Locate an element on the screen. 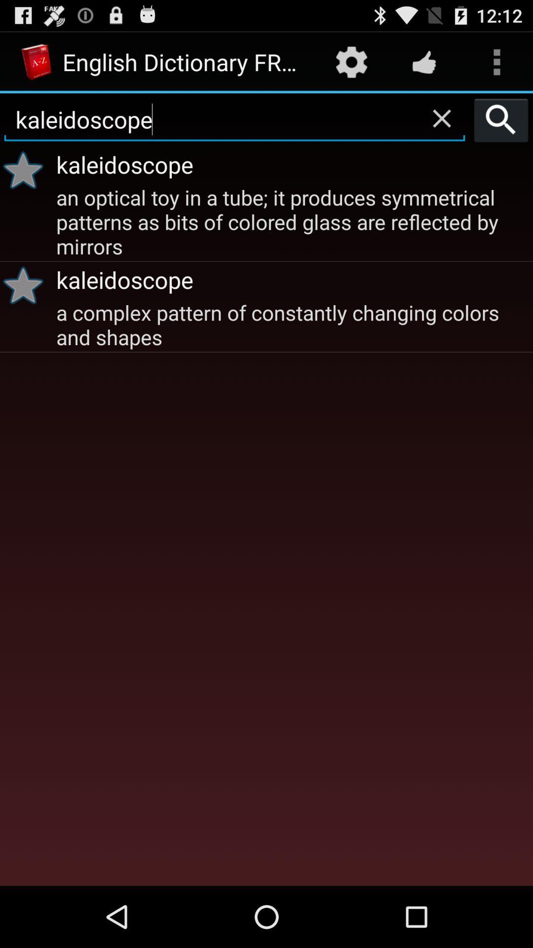 The image size is (533, 948). the search icon is located at coordinates (501, 128).